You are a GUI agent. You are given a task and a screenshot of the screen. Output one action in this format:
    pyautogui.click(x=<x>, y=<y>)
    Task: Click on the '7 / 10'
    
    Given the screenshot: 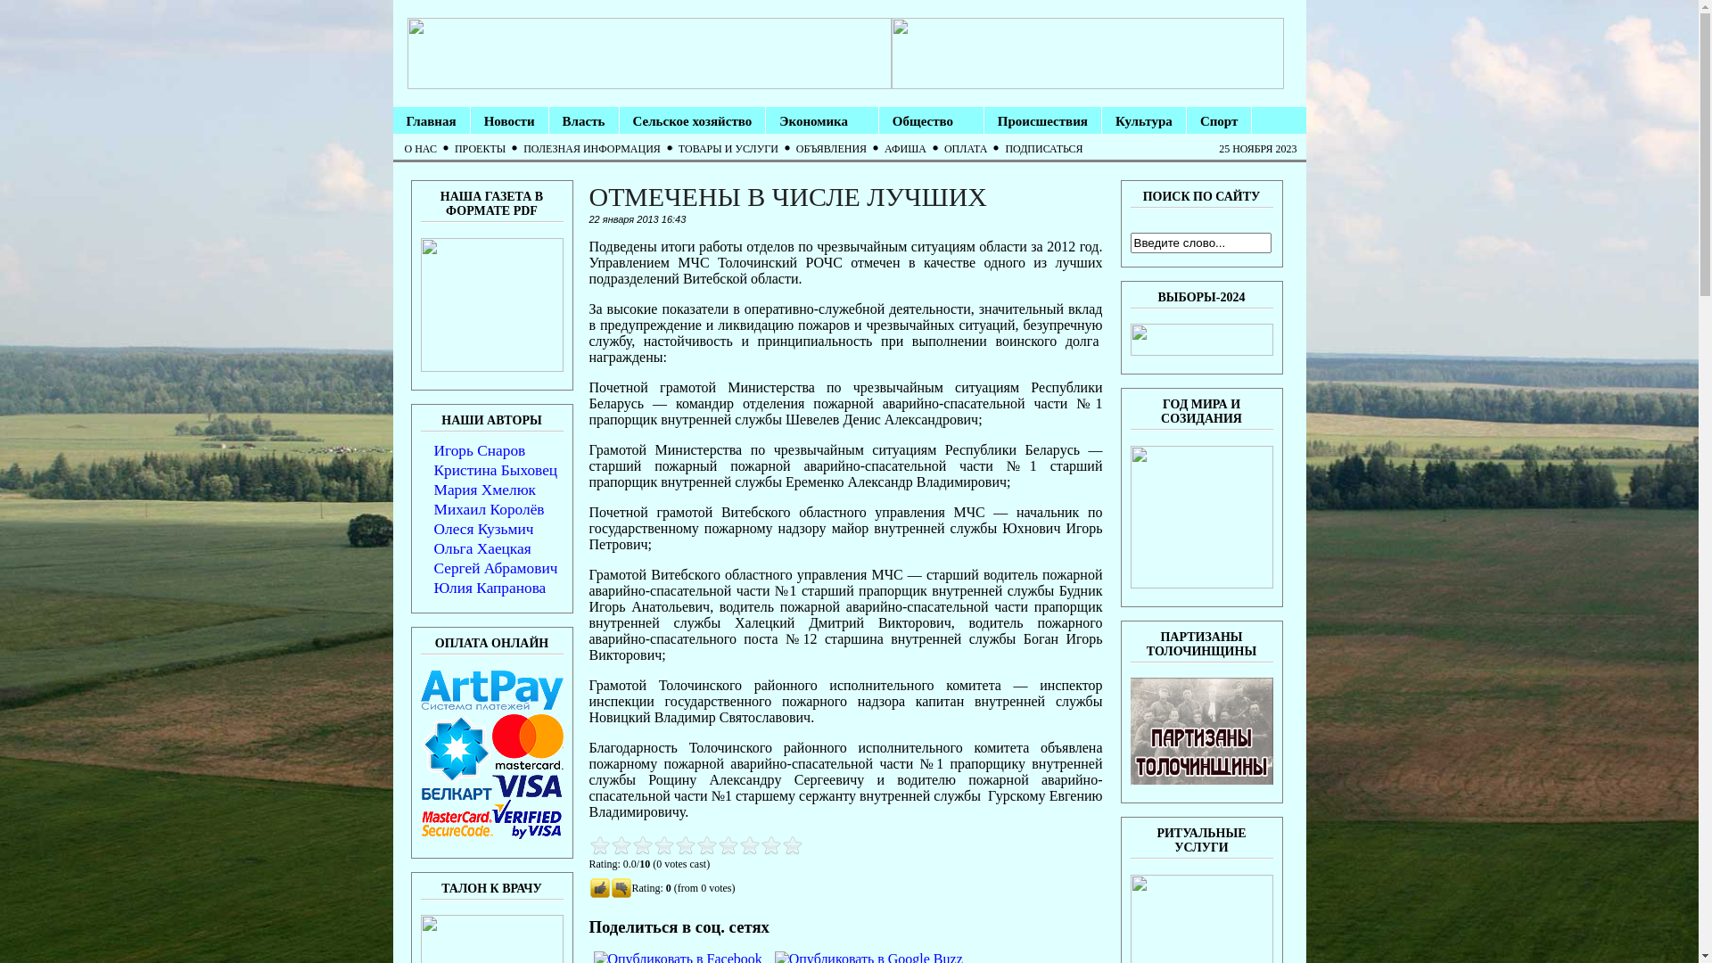 What is the action you would take?
    pyautogui.click(x=663, y=844)
    